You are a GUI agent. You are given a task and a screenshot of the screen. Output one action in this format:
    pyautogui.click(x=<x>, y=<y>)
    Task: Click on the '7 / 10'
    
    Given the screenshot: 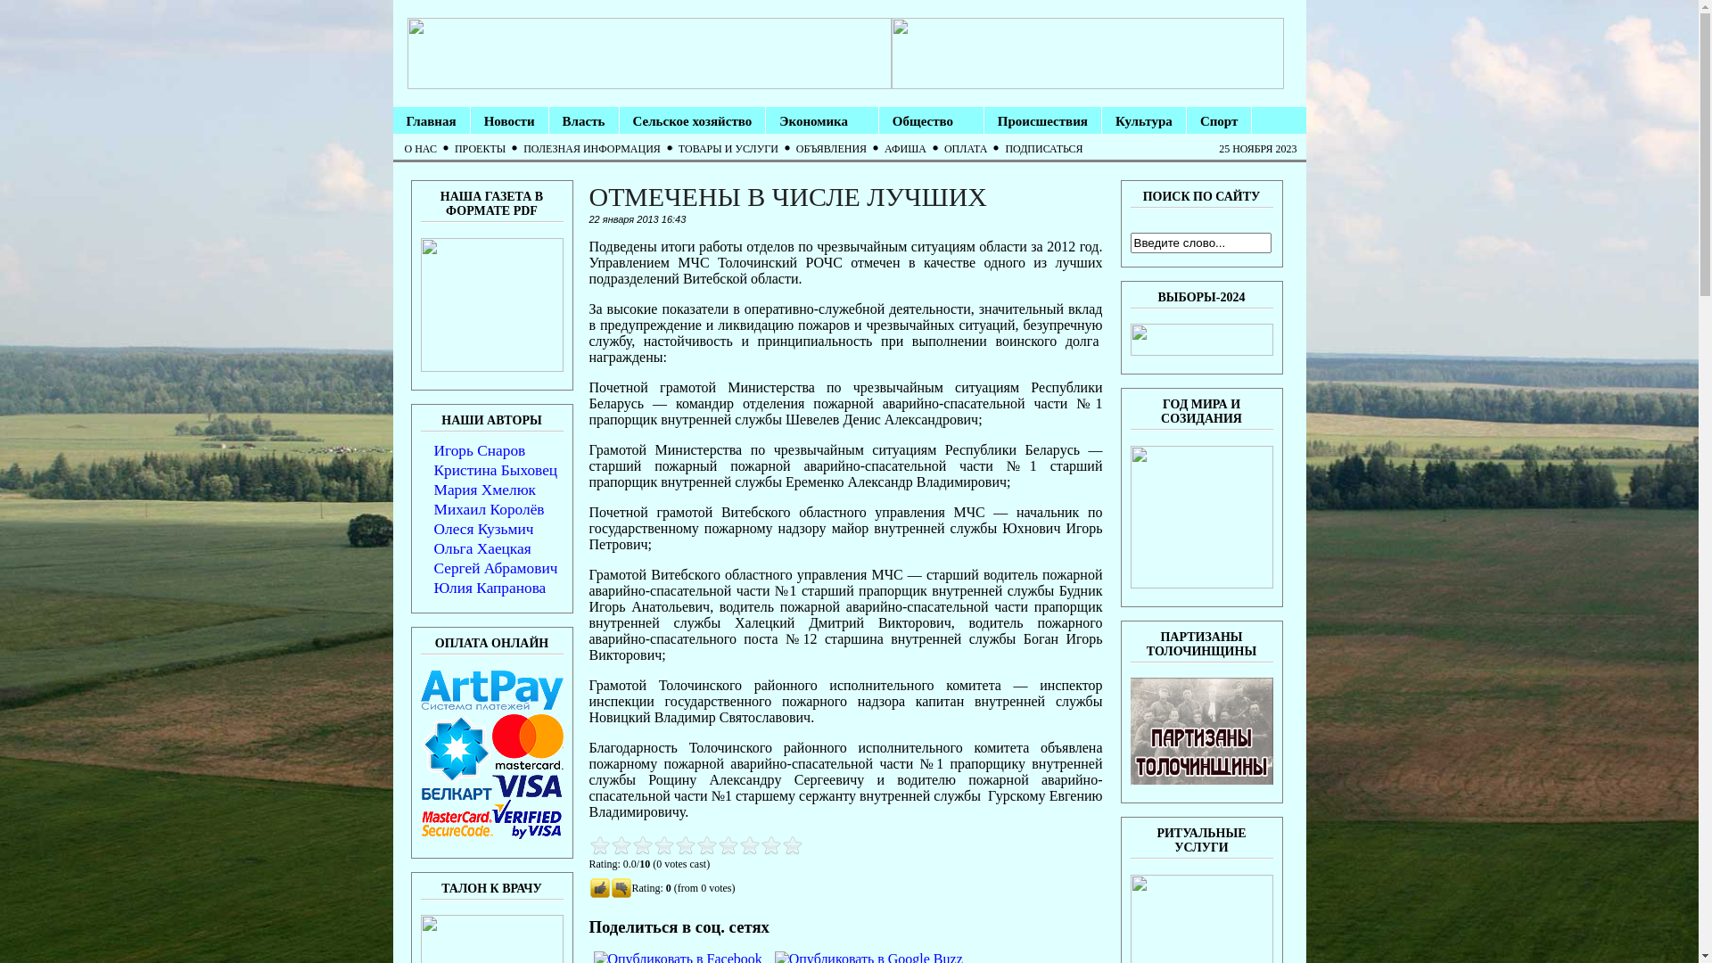 What is the action you would take?
    pyautogui.click(x=663, y=844)
    